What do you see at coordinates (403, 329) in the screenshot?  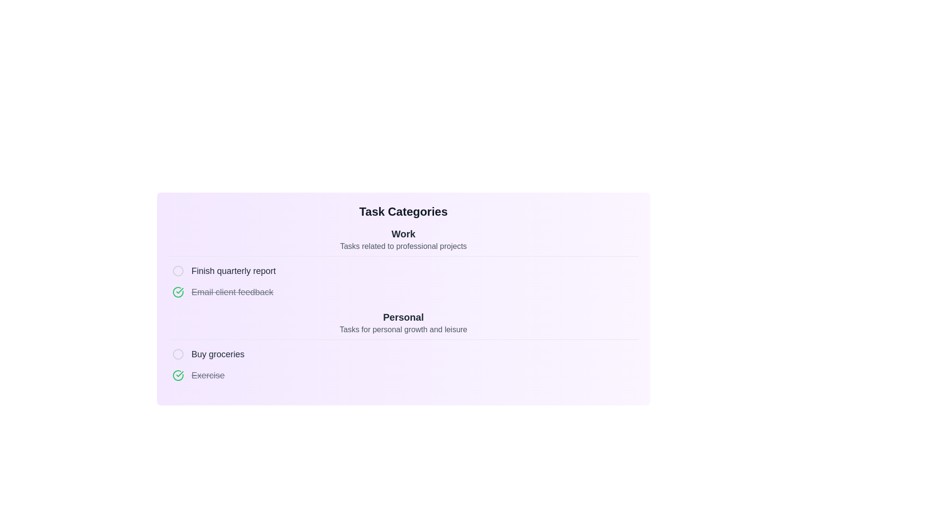 I see `the static text label providing context for the 'Personal' category, located below the bold heading 'Personal'` at bounding box center [403, 329].